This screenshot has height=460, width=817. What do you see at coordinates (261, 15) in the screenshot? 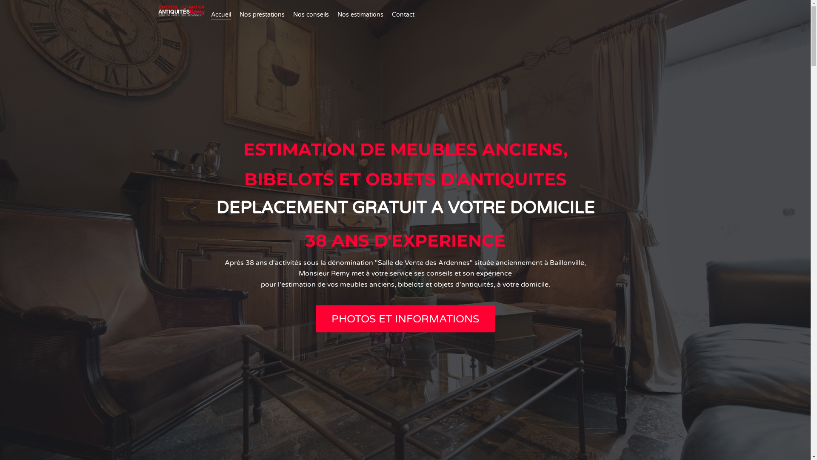
I see `'Nos prestations'` at bounding box center [261, 15].